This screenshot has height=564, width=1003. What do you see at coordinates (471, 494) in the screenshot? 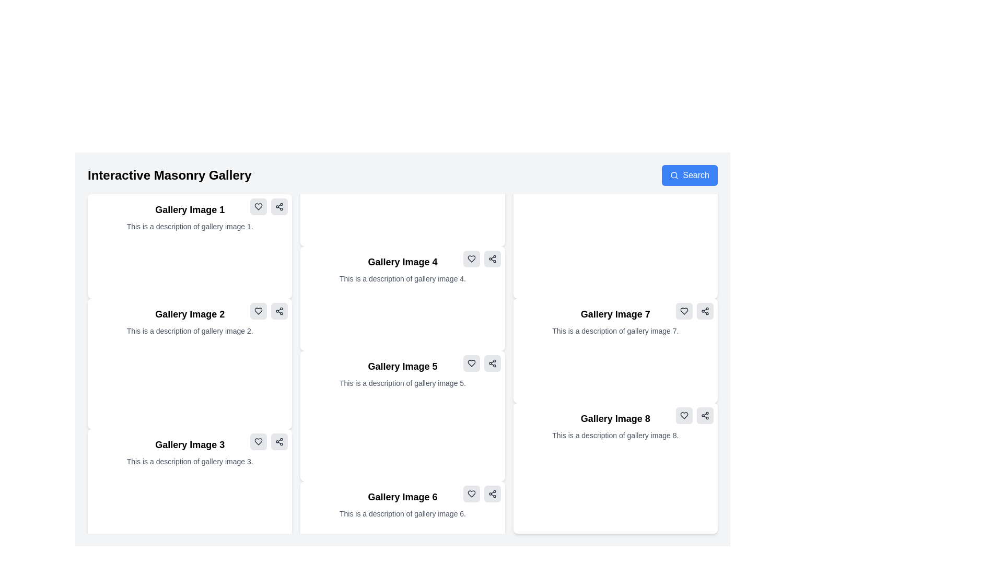
I see `the 'like' or 'favorite' button located in the bottom-right corner of the 'Gallery Image 6' card` at bounding box center [471, 494].